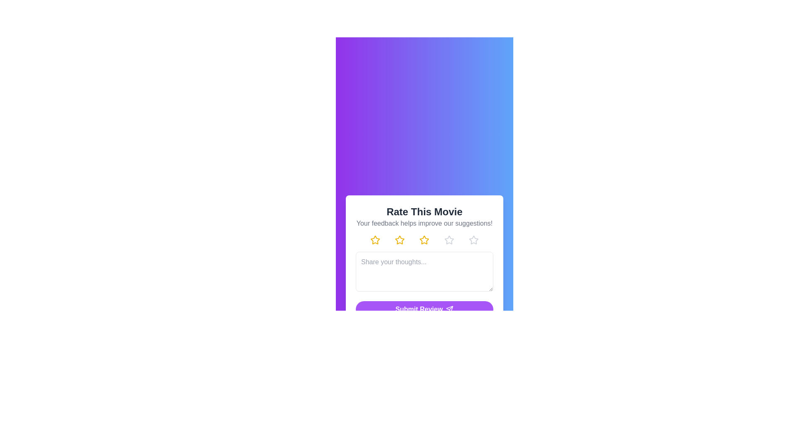  Describe the element at coordinates (448, 240) in the screenshot. I see `the fourth star icon in the movie rating section` at that location.